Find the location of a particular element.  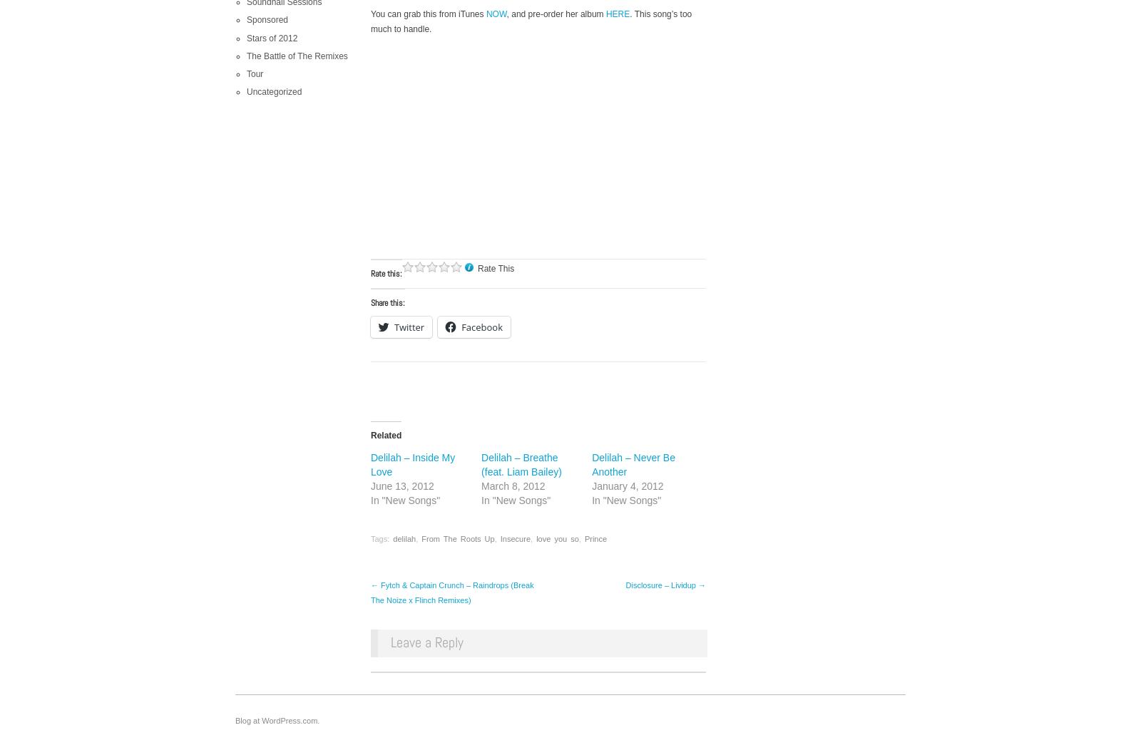

'You can grab this from iTunes' is located at coordinates (427, 14).